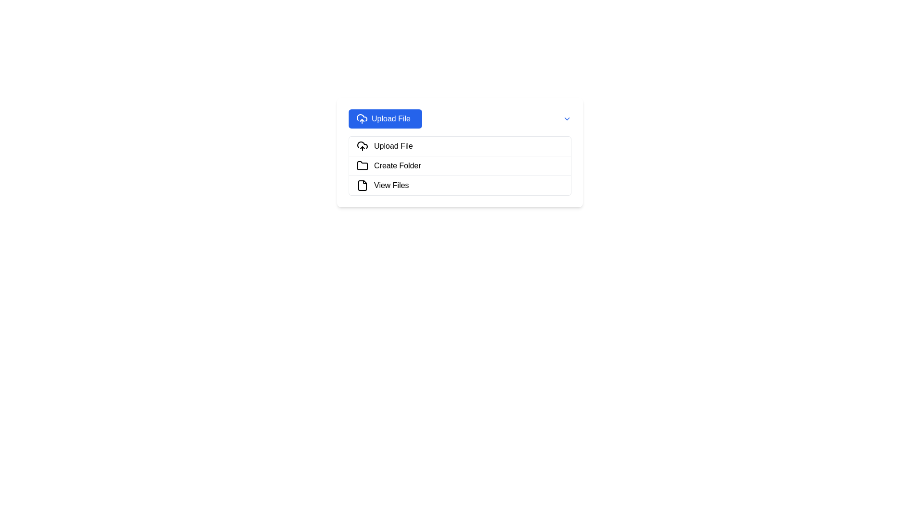 This screenshot has height=518, width=922. I want to click on the third Text Label element in the vertical list of options, which serves as a descriptor for viewing files, located below the 'Upload File' button, so click(391, 185).